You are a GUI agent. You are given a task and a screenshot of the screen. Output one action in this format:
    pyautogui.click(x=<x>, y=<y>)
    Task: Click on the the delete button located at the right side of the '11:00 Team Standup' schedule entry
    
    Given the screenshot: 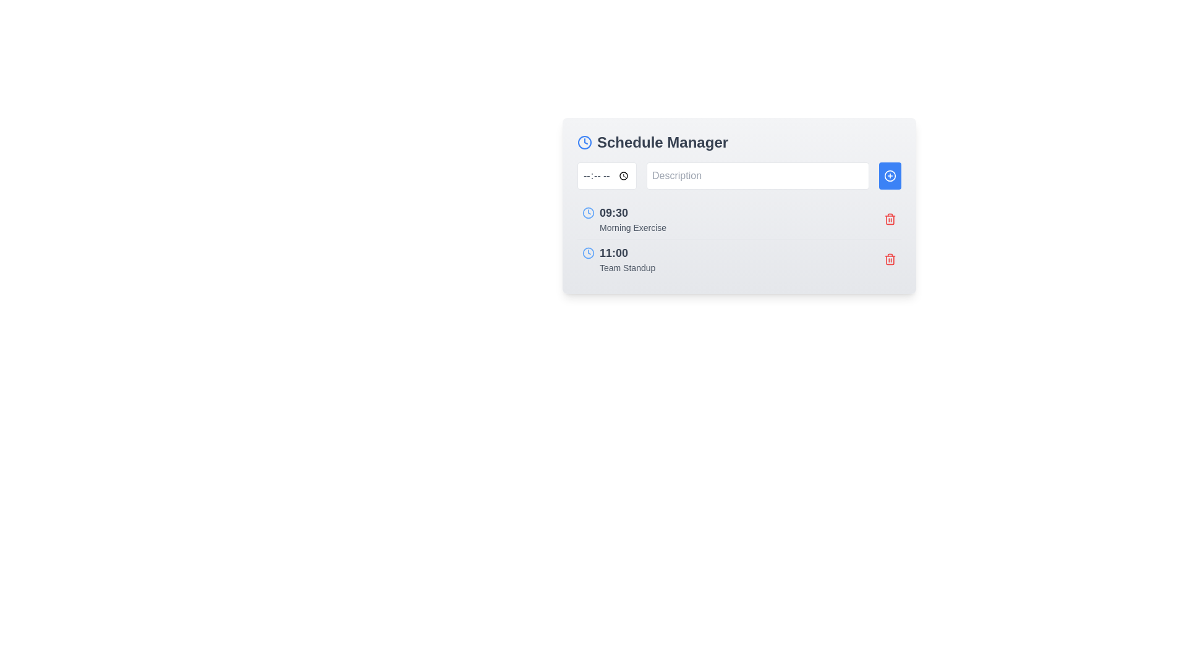 What is the action you would take?
    pyautogui.click(x=890, y=259)
    